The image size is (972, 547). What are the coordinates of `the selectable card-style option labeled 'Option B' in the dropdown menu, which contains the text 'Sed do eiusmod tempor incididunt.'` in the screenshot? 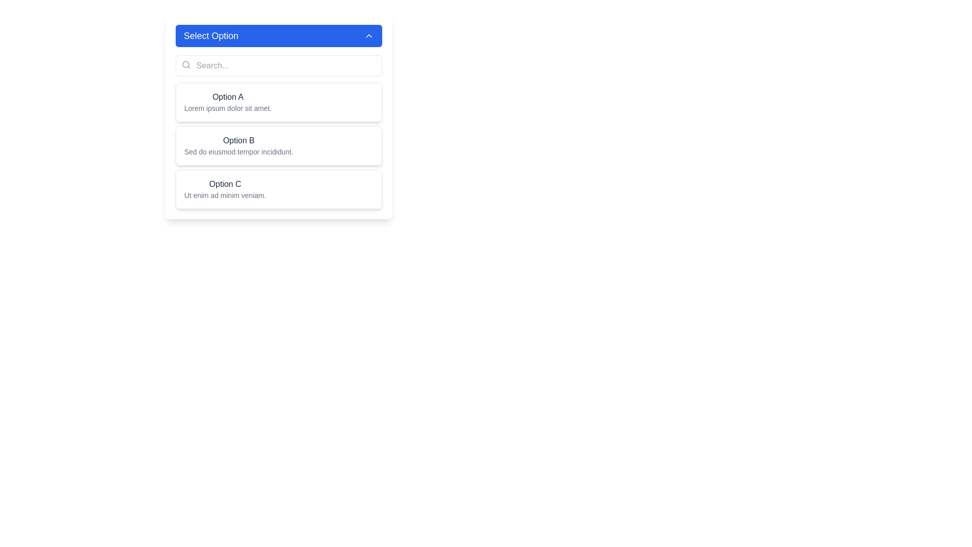 It's located at (279, 146).